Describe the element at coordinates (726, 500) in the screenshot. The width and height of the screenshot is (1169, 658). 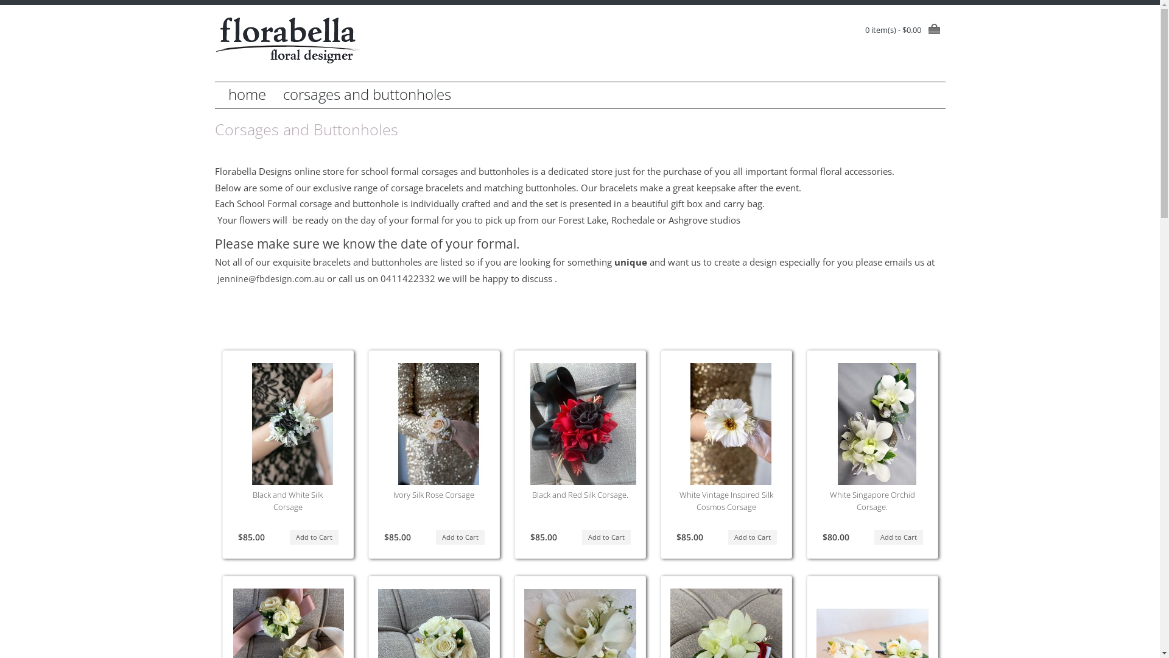
I see `'White Vintage Inspired Silk Cosmos Corsage'` at that location.